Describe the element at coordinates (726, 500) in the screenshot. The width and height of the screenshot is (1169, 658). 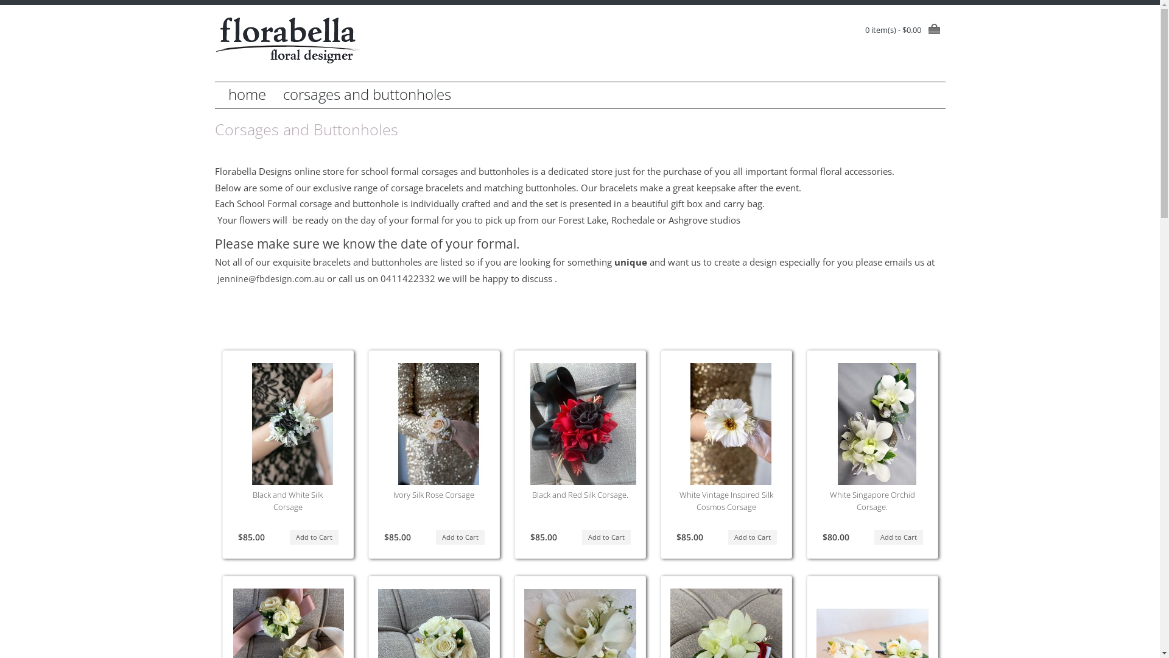
I see `'White Vintage Inspired Silk Cosmos Corsage'` at that location.